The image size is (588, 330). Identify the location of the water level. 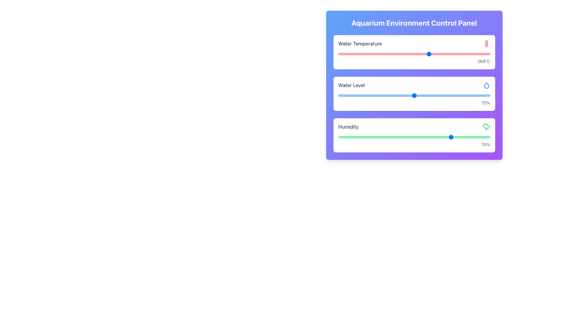
(341, 95).